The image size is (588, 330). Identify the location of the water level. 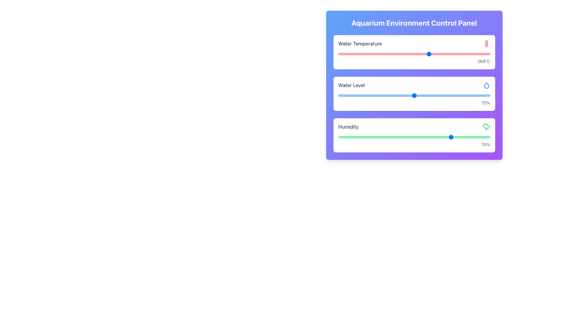
(341, 95).